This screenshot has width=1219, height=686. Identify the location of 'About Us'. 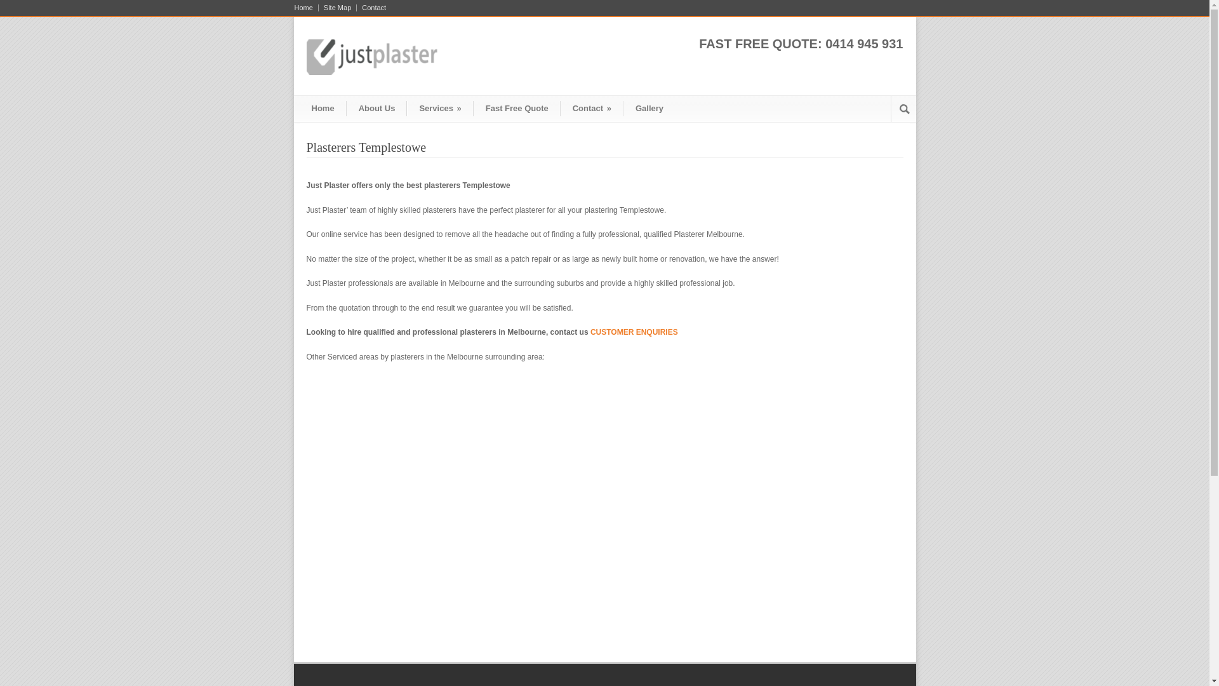
(376, 107).